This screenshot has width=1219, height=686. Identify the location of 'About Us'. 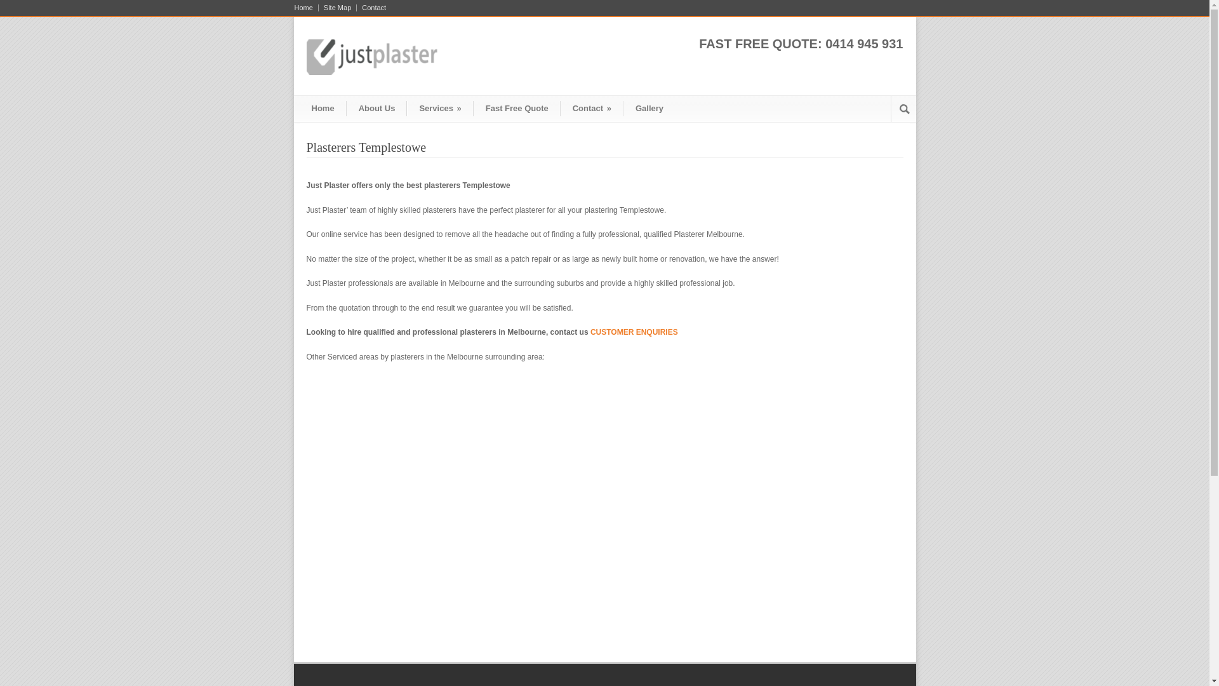
(376, 107).